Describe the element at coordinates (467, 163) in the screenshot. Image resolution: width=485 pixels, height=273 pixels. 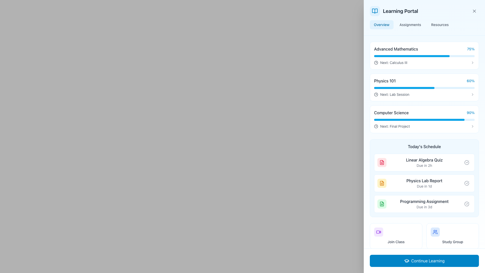
I see `the circular icon button with a gray checkmark located at the far right of the 'Linear Algebra Quiz' schedule item` at that location.